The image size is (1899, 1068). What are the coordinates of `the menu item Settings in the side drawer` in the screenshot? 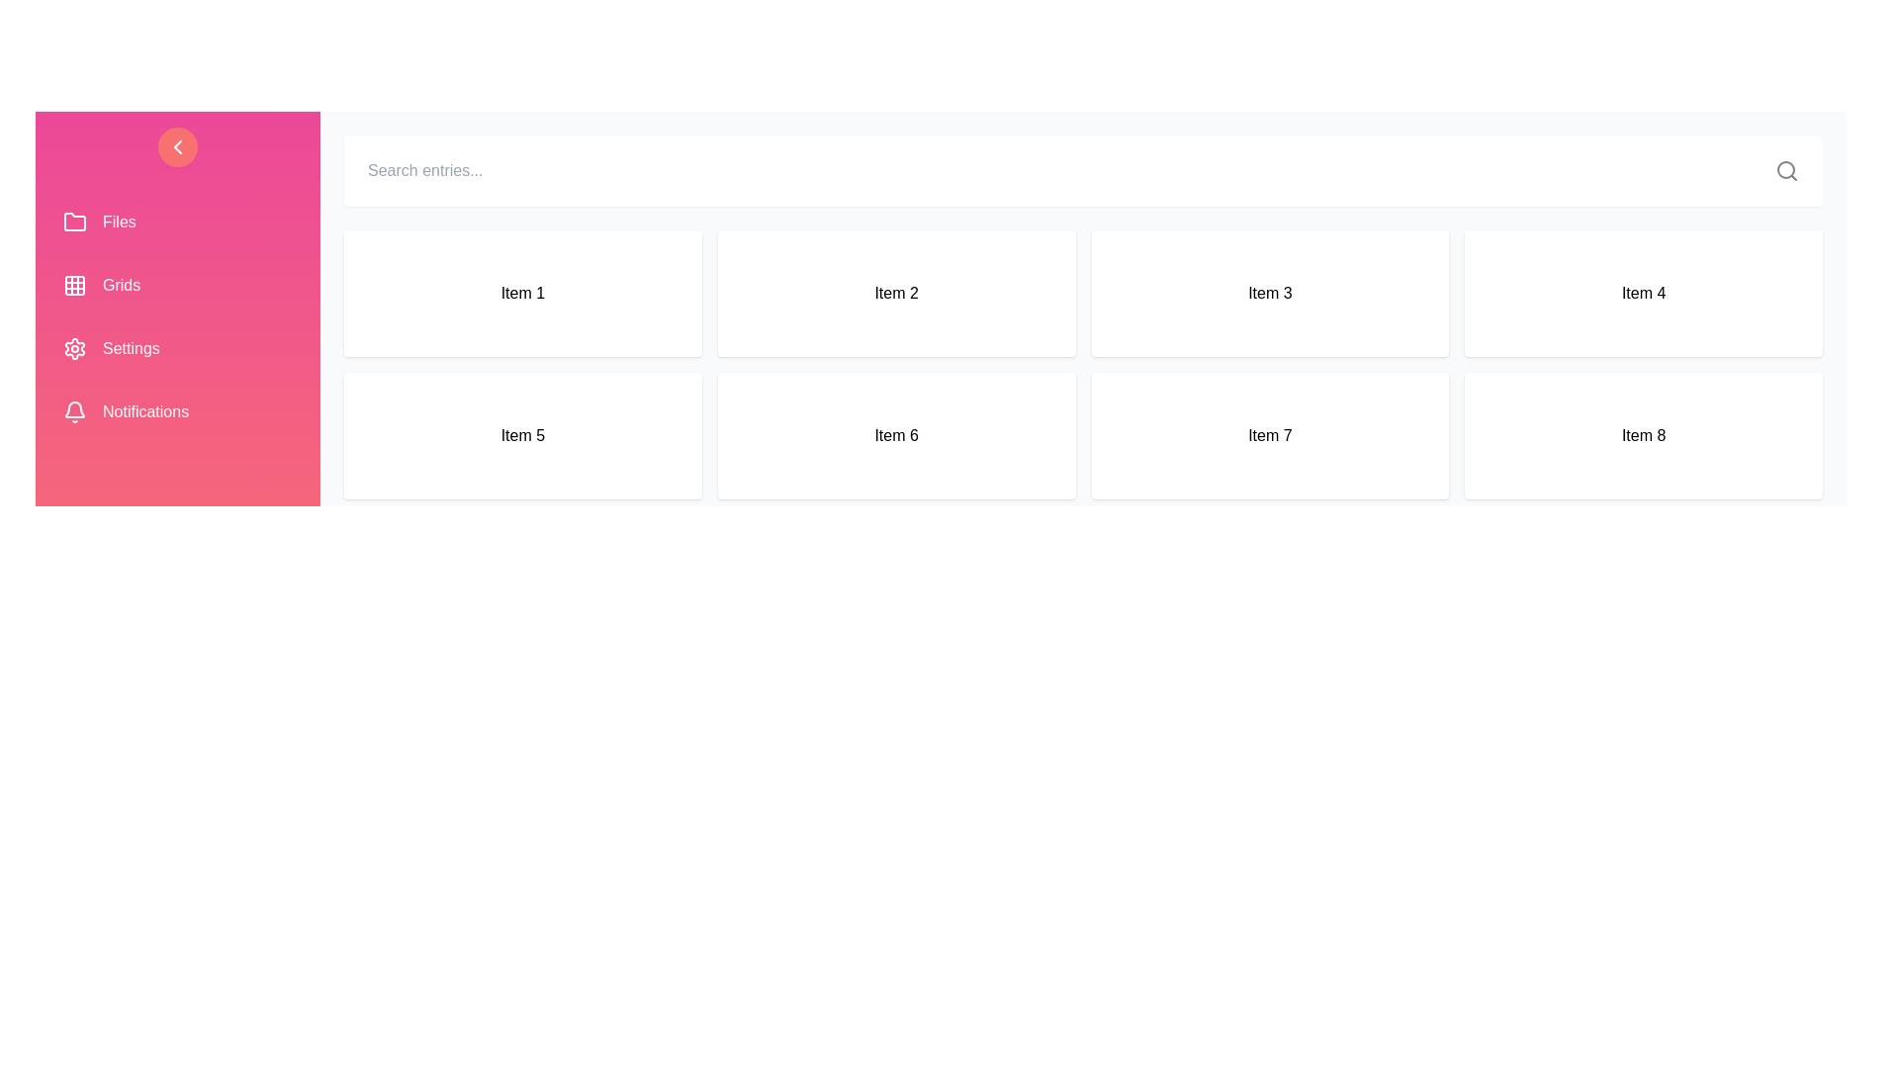 It's located at (178, 348).